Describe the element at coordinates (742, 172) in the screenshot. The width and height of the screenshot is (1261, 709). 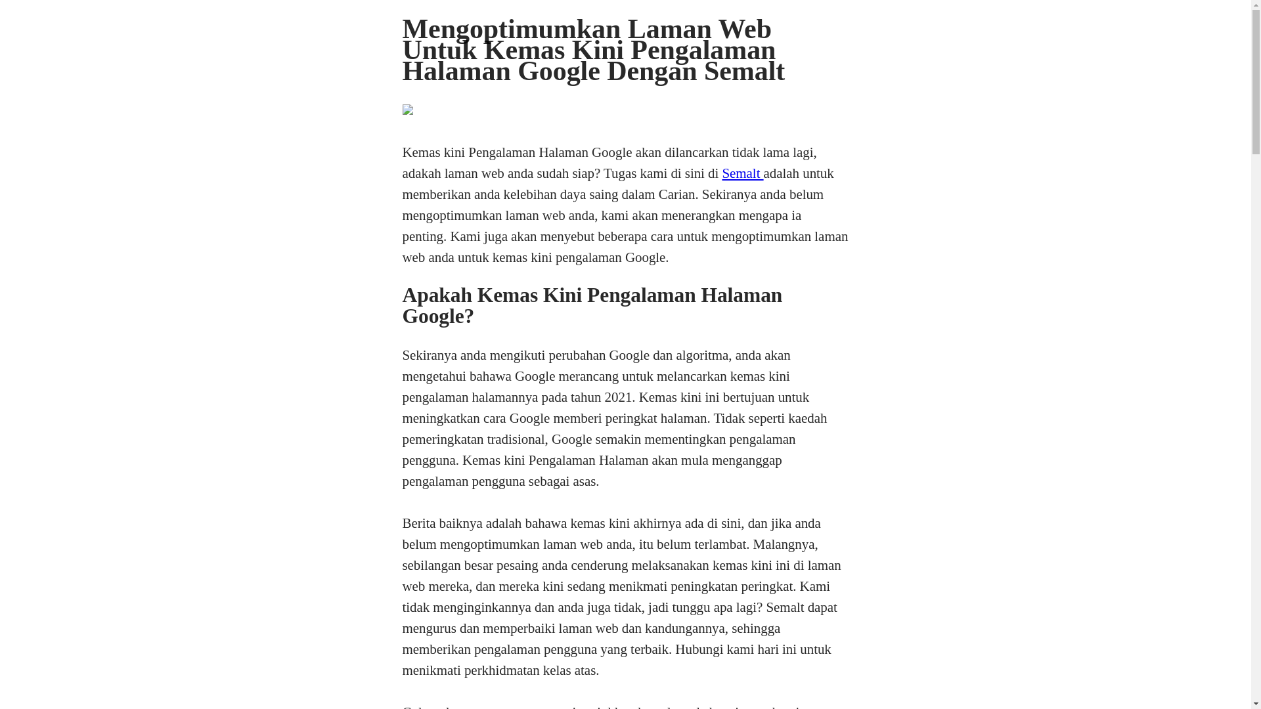
I see `'Semalt'` at that location.